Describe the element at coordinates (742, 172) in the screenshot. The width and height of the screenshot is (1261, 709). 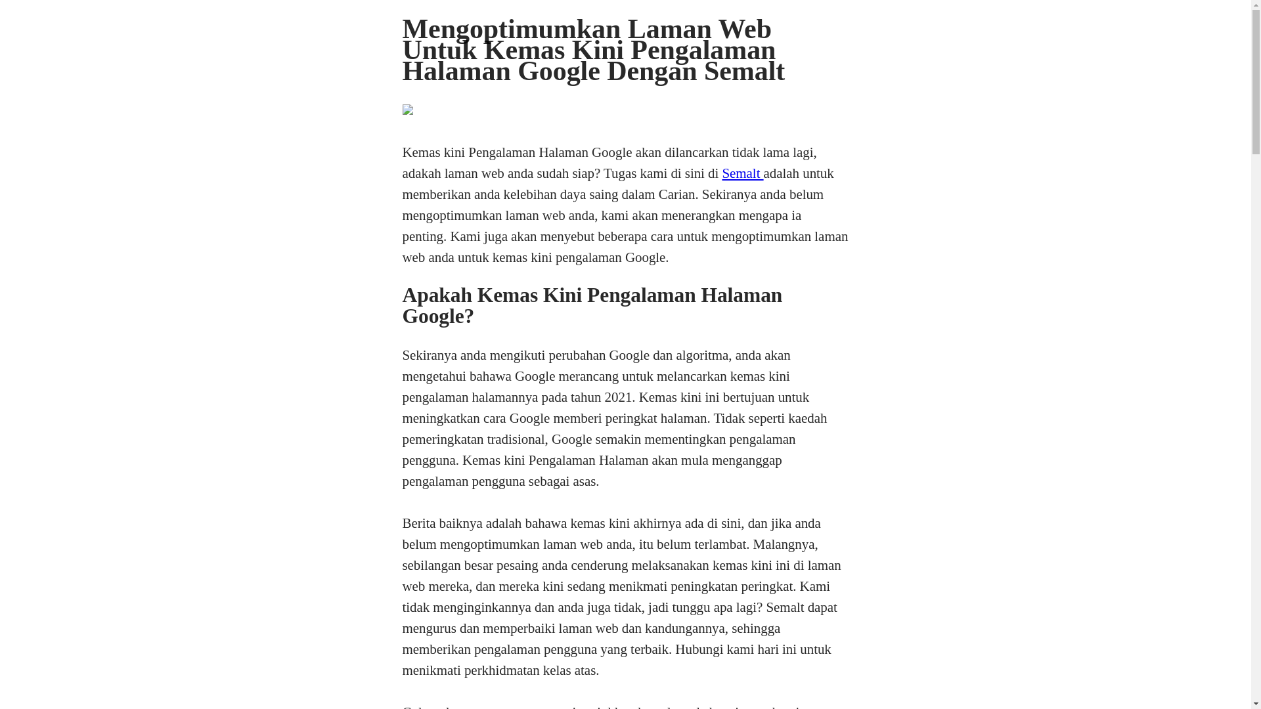
I see `'Semalt'` at that location.